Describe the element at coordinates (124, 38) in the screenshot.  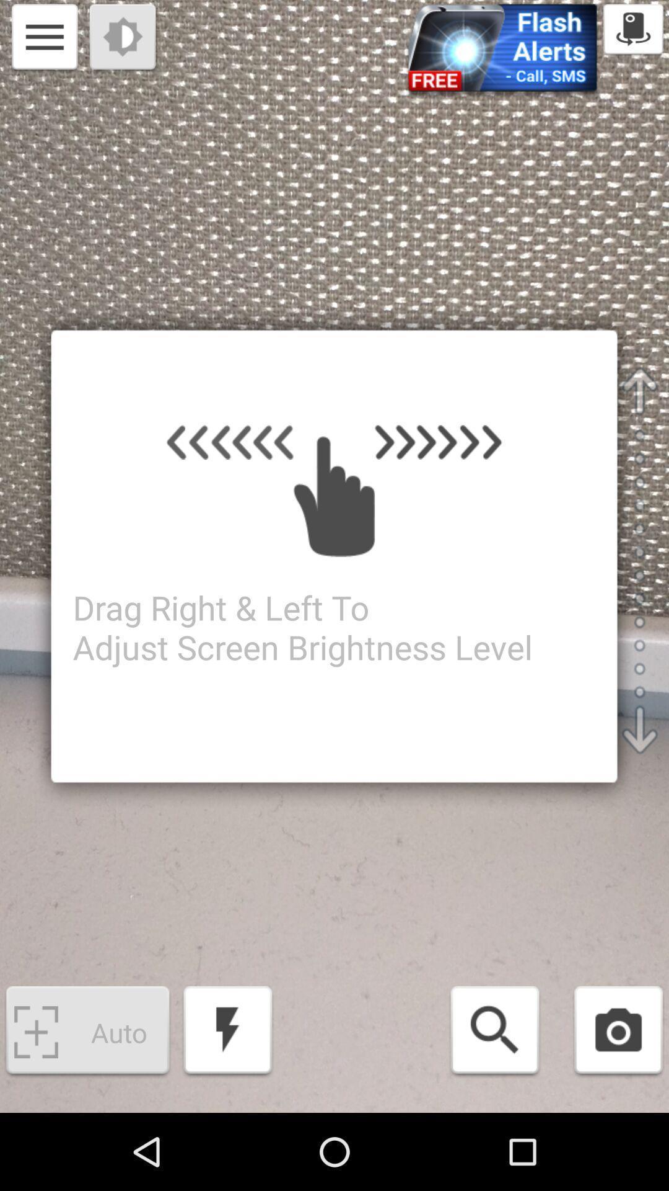
I see `brightness view` at that location.